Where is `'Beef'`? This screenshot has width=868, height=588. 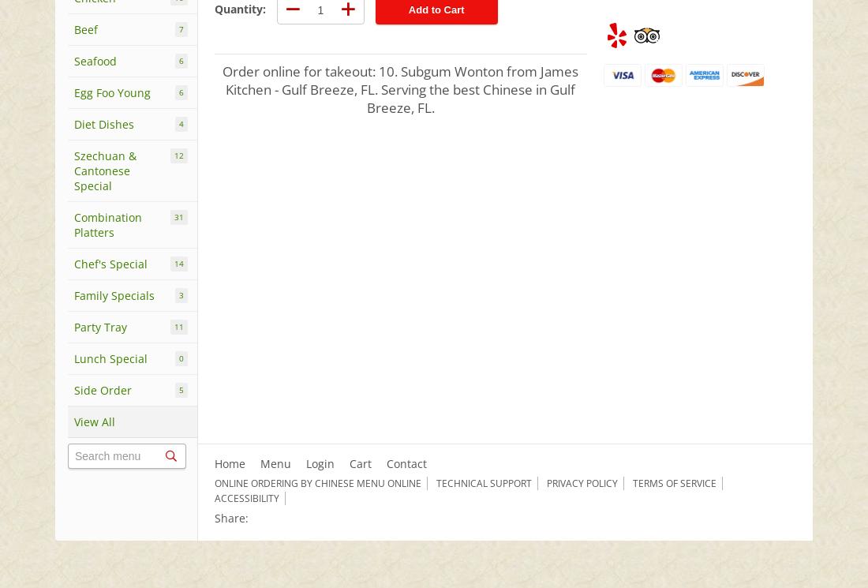 'Beef' is located at coordinates (86, 28).